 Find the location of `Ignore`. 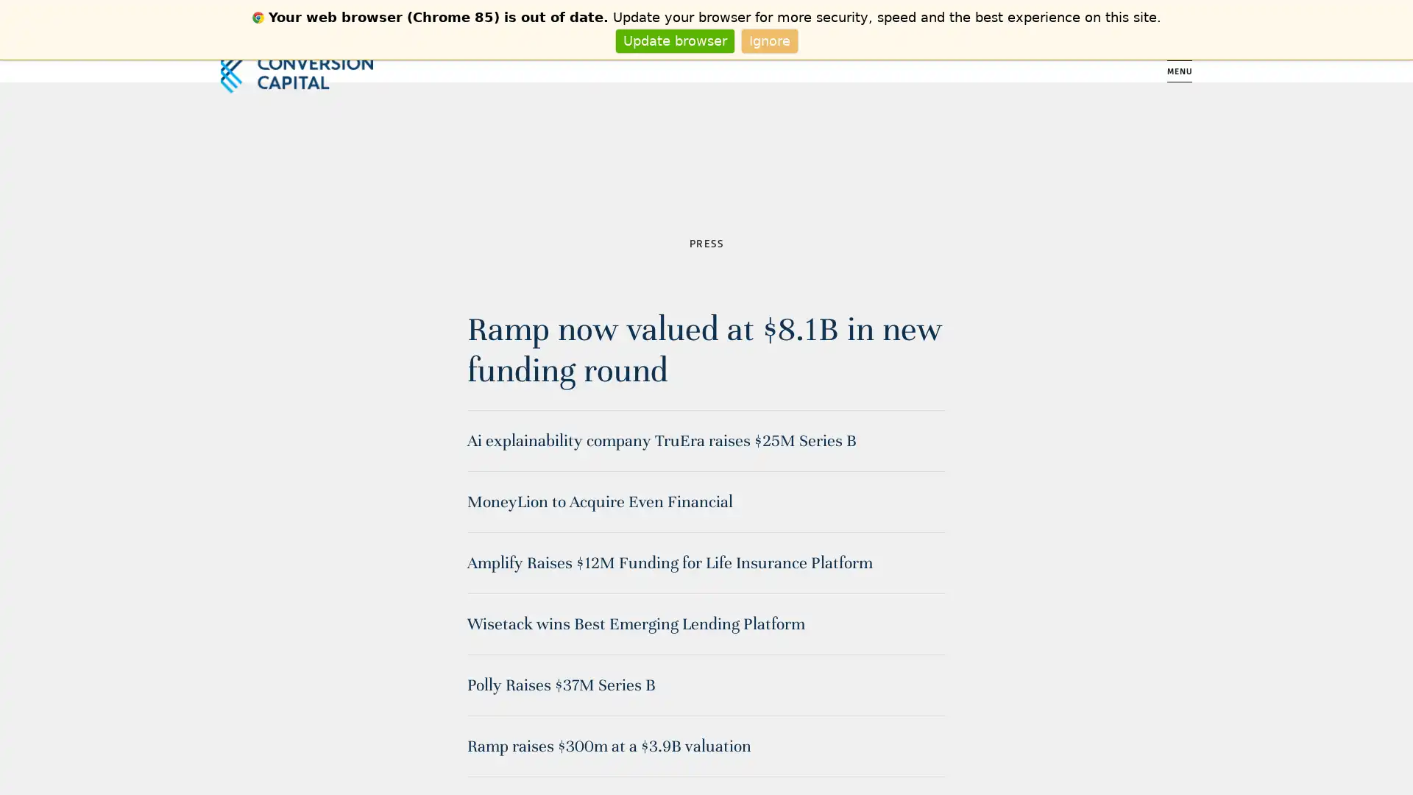

Ignore is located at coordinates (768, 40).